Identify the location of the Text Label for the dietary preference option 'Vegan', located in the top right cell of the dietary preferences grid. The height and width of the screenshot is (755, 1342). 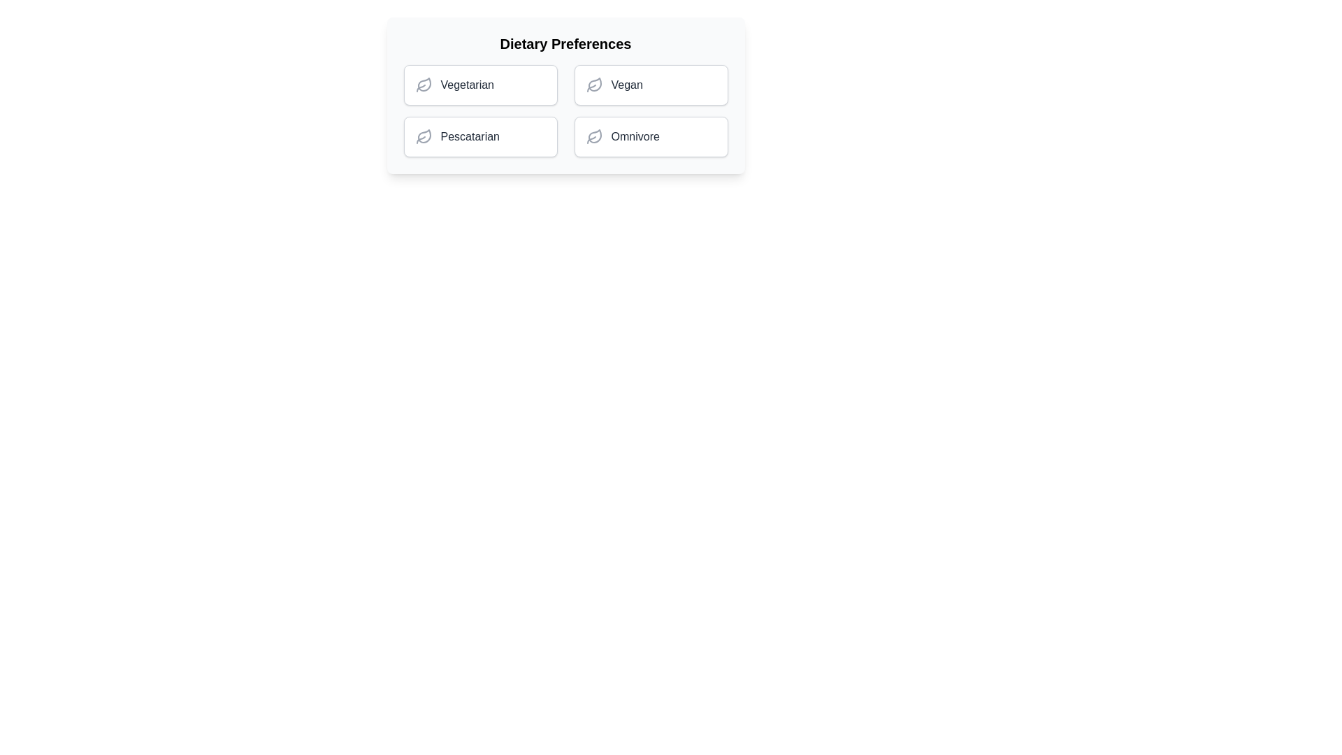
(626, 85).